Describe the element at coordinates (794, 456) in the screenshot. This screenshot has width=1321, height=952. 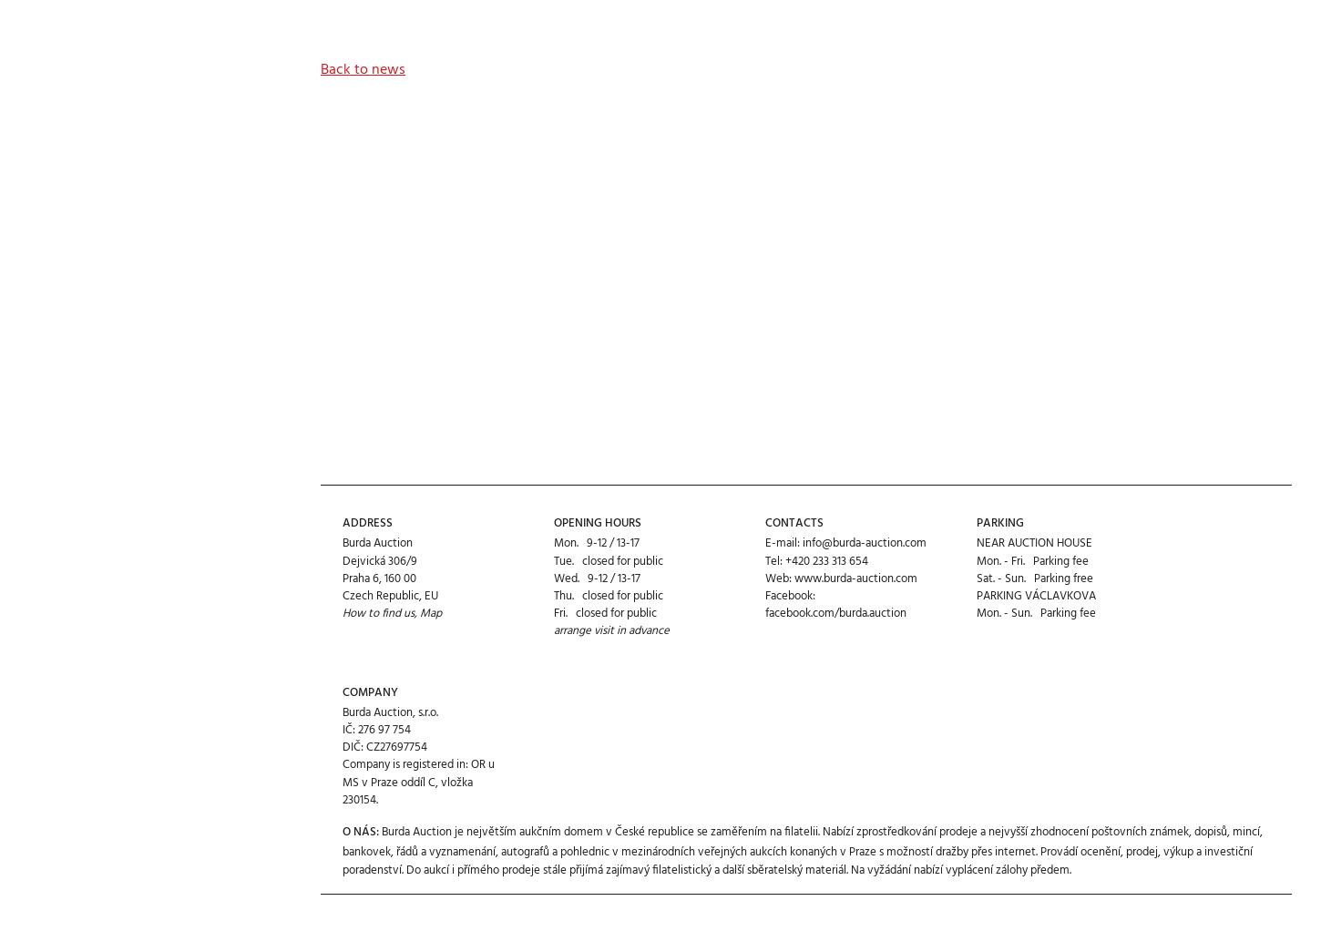
I see `'Contacts'` at that location.